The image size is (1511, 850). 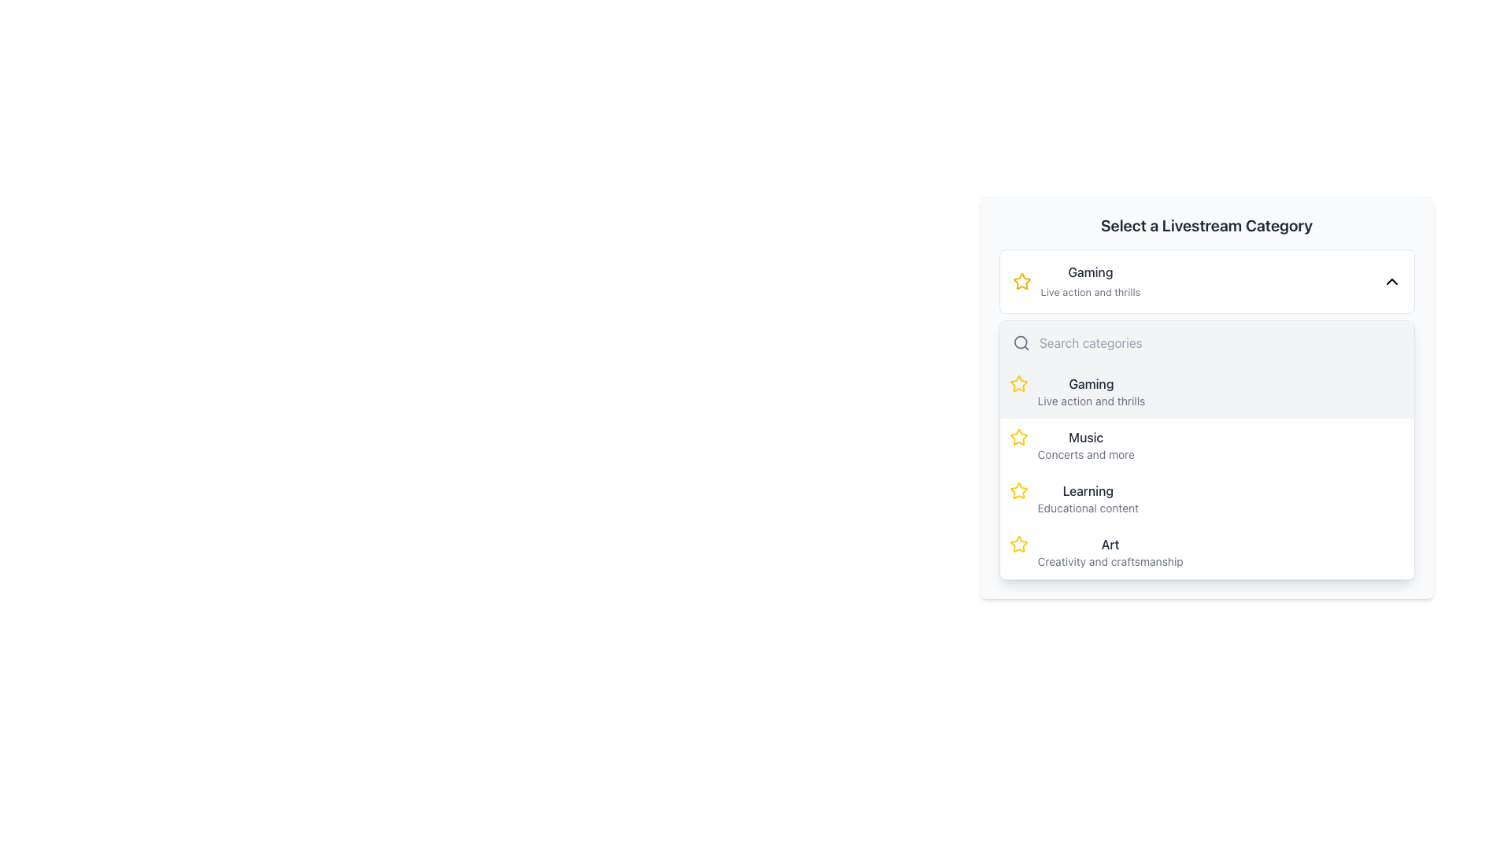 What do you see at coordinates (1018, 490) in the screenshot?
I see `the star-shaped icon filled with vibrant yellow color located adjacent to the 'Learning' category label in the dropdown menu to interact with it` at bounding box center [1018, 490].